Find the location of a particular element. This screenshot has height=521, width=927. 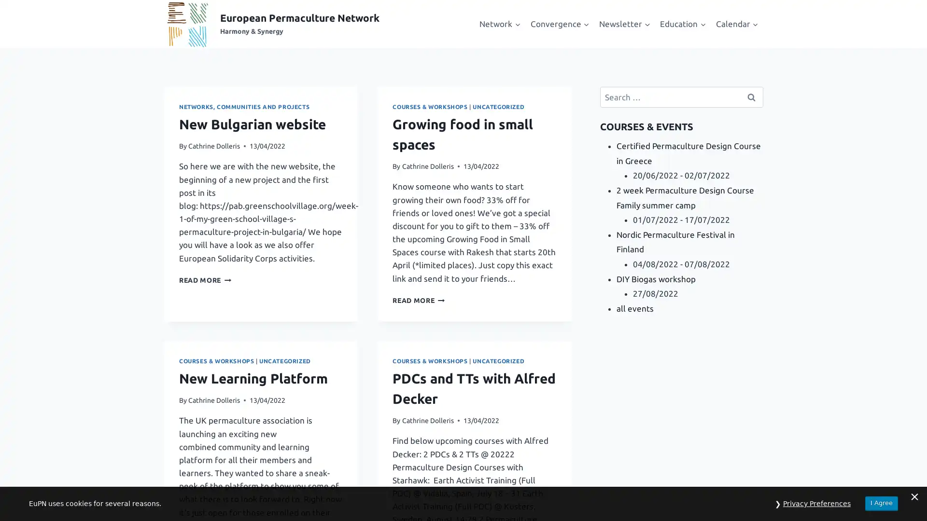

Expand child menu is located at coordinates (559, 23).